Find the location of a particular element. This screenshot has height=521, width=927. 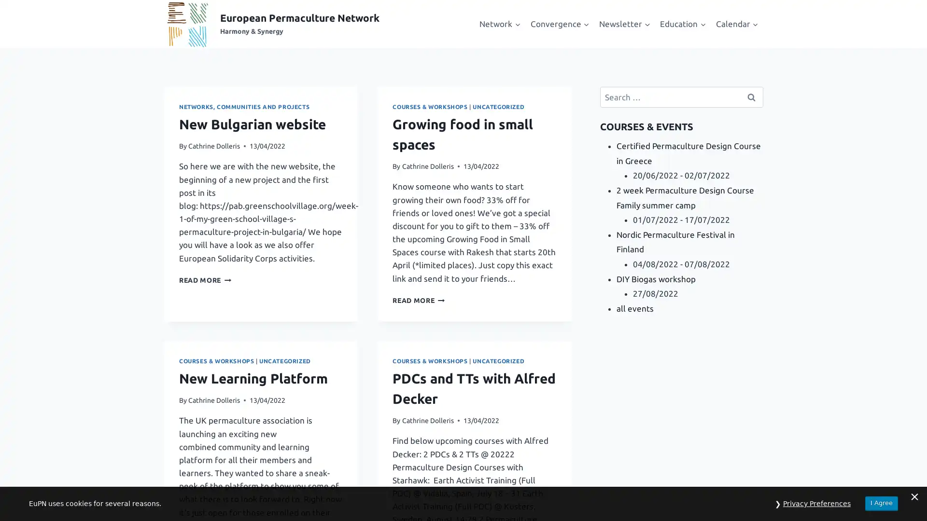

Expand child menu is located at coordinates (559, 23).